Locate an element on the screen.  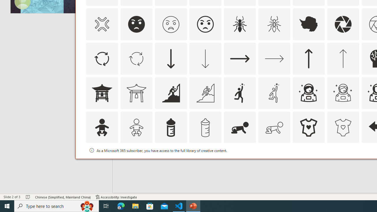
'AutomationID: Icons_Ant_M' is located at coordinates (274, 24).